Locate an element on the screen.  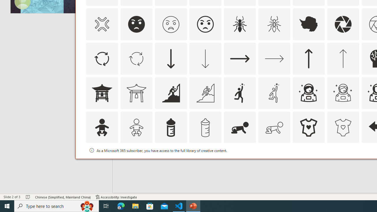
'AutomationID: Icons_Ant_M' is located at coordinates (274, 24).